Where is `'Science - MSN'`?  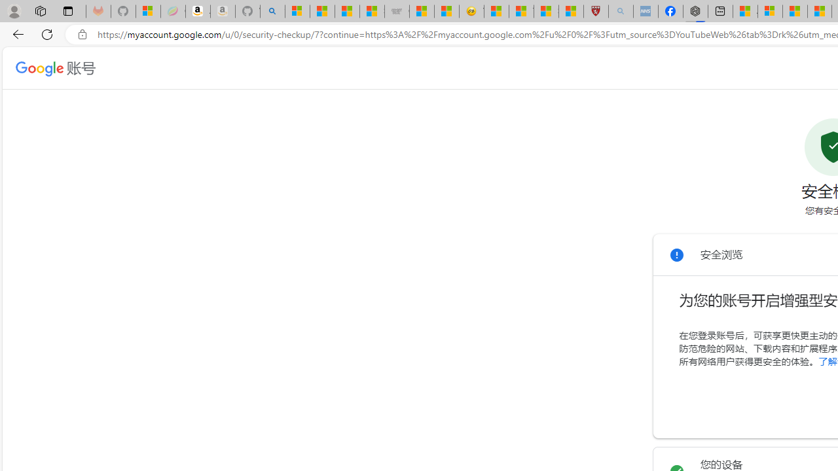 'Science - MSN' is located at coordinates (545, 11).